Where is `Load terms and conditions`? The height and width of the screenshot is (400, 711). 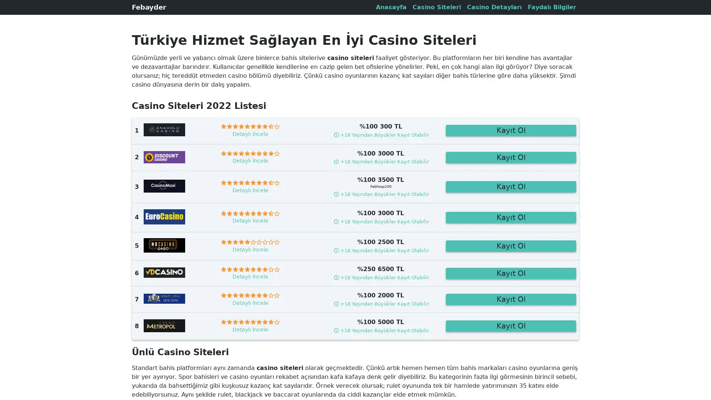 Load terms and conditions is located at coordinates (380, 193).